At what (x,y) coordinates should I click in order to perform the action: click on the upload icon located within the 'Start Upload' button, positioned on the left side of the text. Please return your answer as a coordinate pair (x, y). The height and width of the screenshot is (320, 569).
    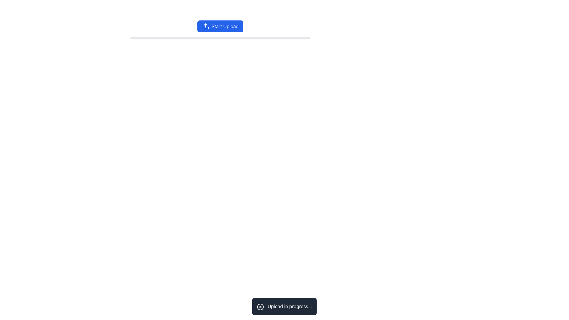
    Looking at the image, I should click on (205, 26).